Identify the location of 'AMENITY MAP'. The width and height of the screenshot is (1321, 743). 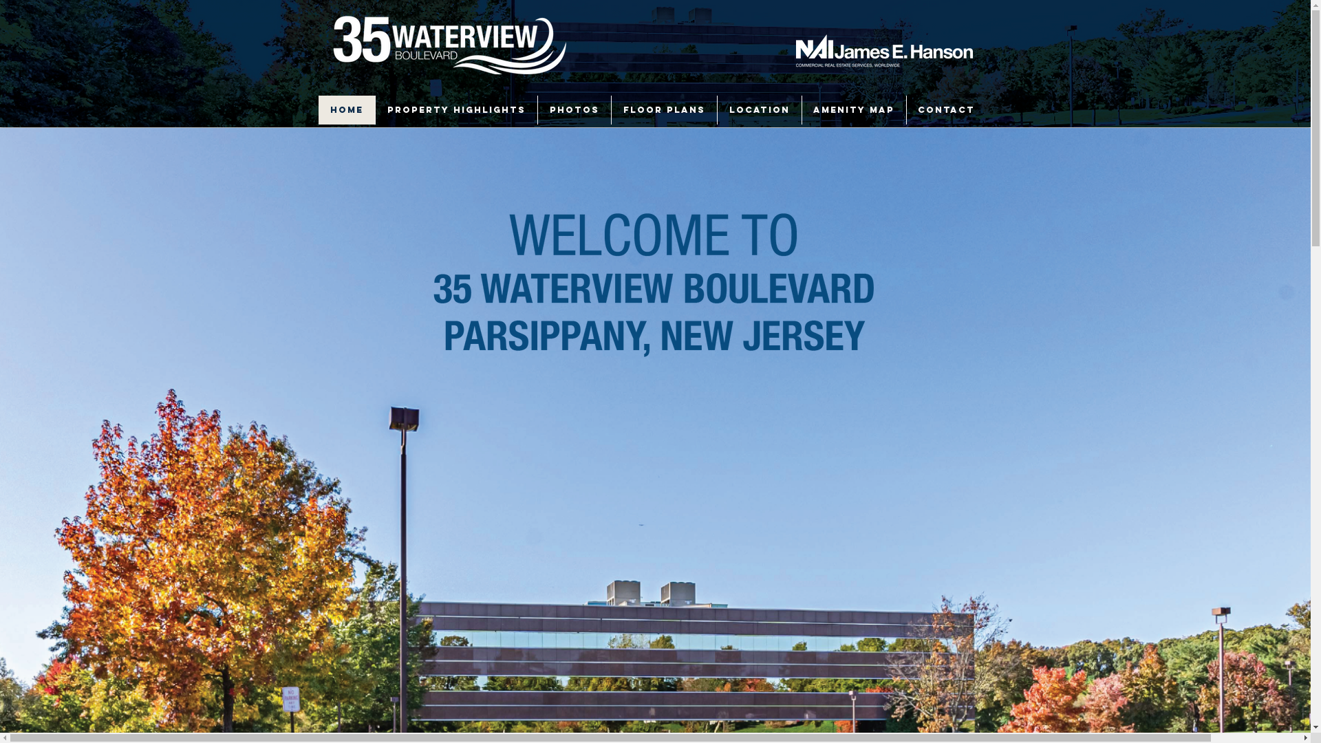
(852, 109).